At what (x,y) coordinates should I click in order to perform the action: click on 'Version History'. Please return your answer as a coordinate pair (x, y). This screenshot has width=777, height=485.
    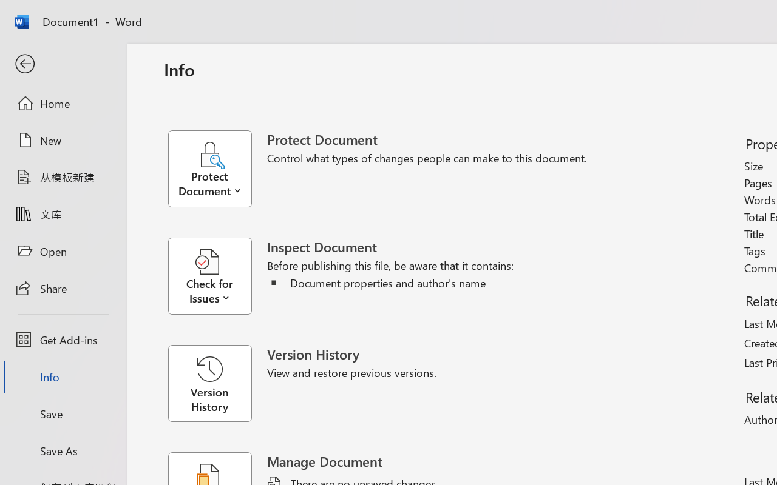
    Looking at the image, I should click on (209, 383).